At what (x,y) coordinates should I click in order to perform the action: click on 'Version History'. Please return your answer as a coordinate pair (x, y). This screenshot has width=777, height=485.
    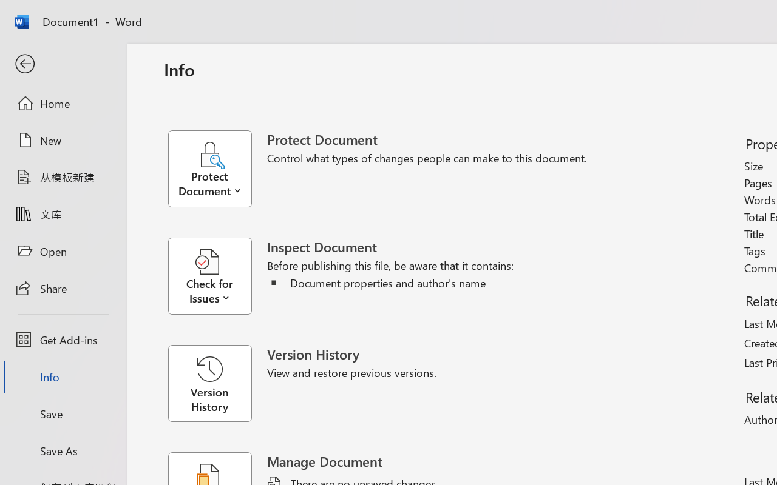
    Looking at the image, I should click on (209, 383).